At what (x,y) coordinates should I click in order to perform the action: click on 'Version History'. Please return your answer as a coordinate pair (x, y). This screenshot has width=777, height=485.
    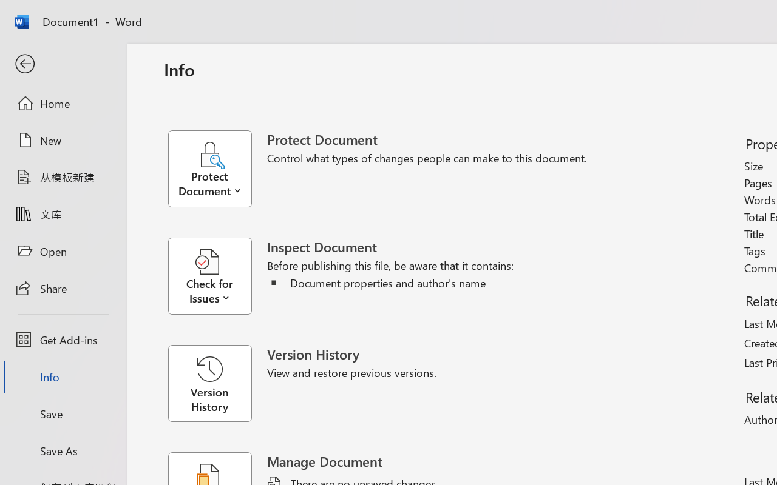
    Looking at the image, I should click on (209, 383).